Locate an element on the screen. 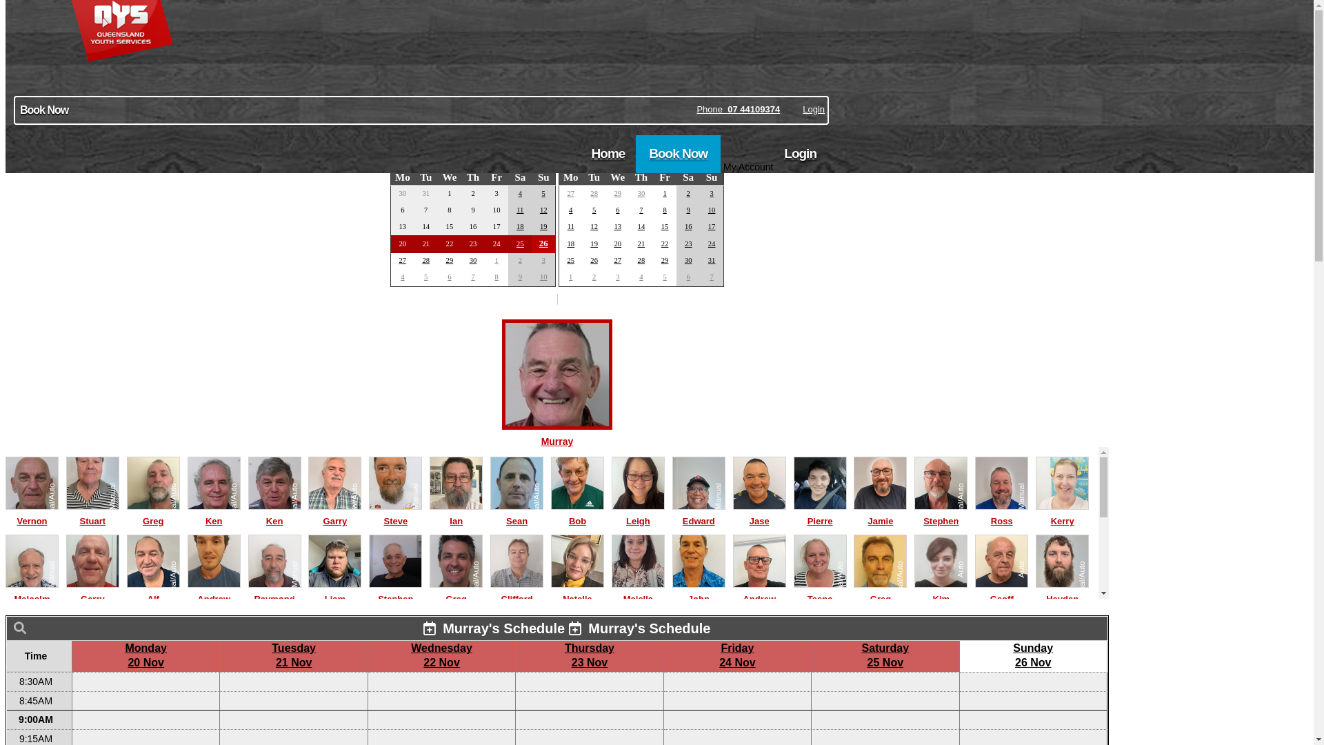 This screenshot has width=1324, height=745. '8' is located at coordinates (664, 210).